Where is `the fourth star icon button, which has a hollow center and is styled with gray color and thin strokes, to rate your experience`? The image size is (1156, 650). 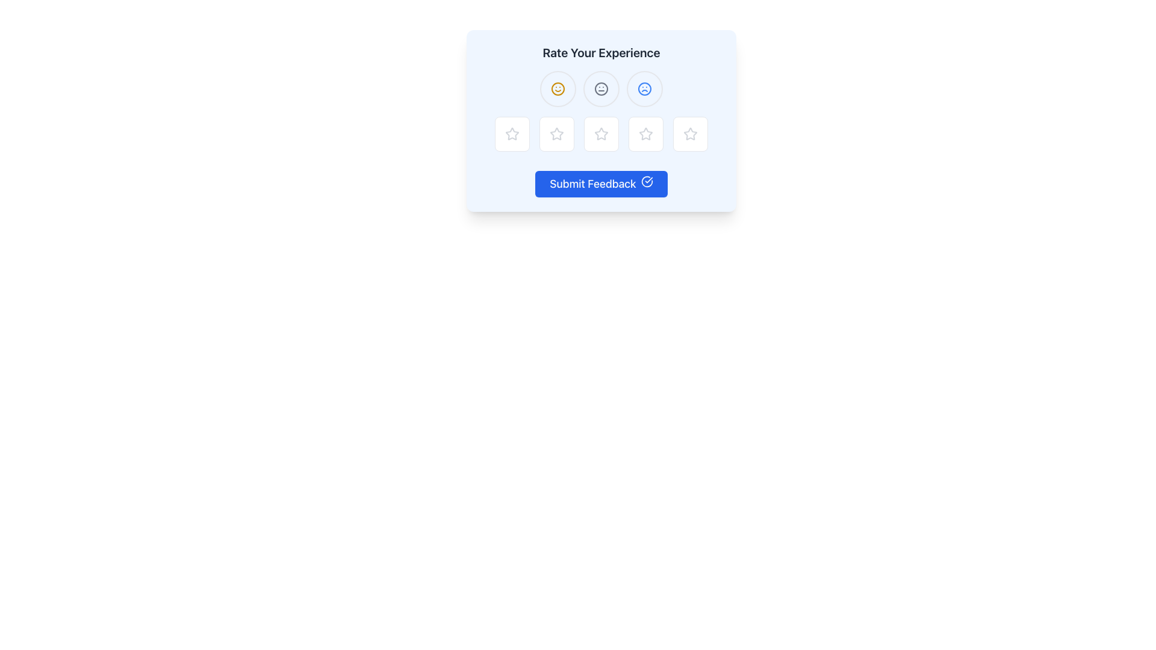 the fourth star icon button, which has a hollow center and is styled with gray color and thin strokes, to rate your experience is located at coordinates (645, 134).